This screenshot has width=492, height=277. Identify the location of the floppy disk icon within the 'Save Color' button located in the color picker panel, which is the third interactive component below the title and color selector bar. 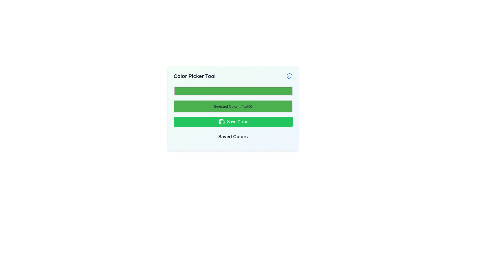
(222, 122).